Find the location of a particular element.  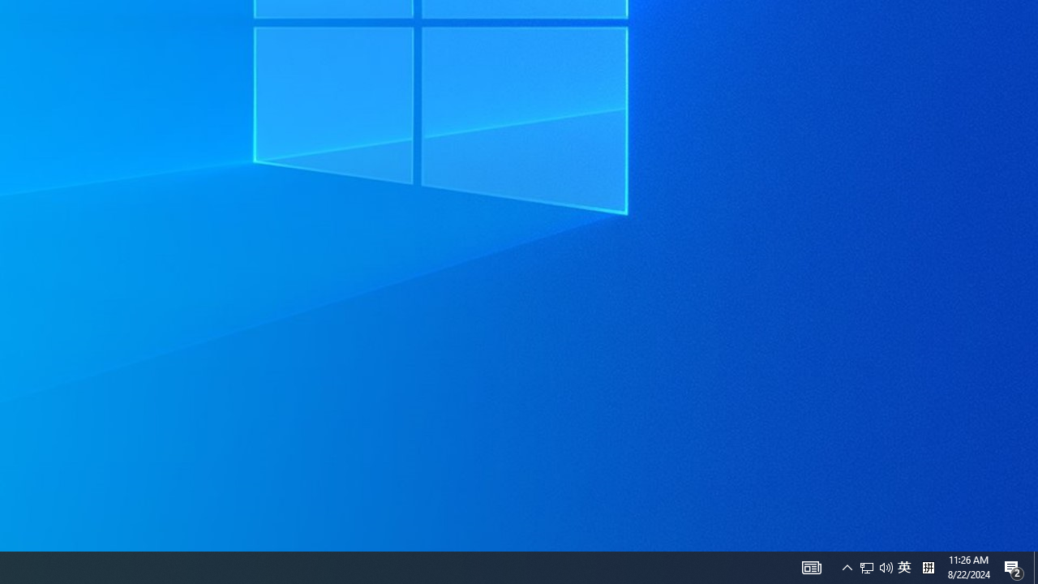

'User Promoted Notification Area' is located at coordinates (903, 566).